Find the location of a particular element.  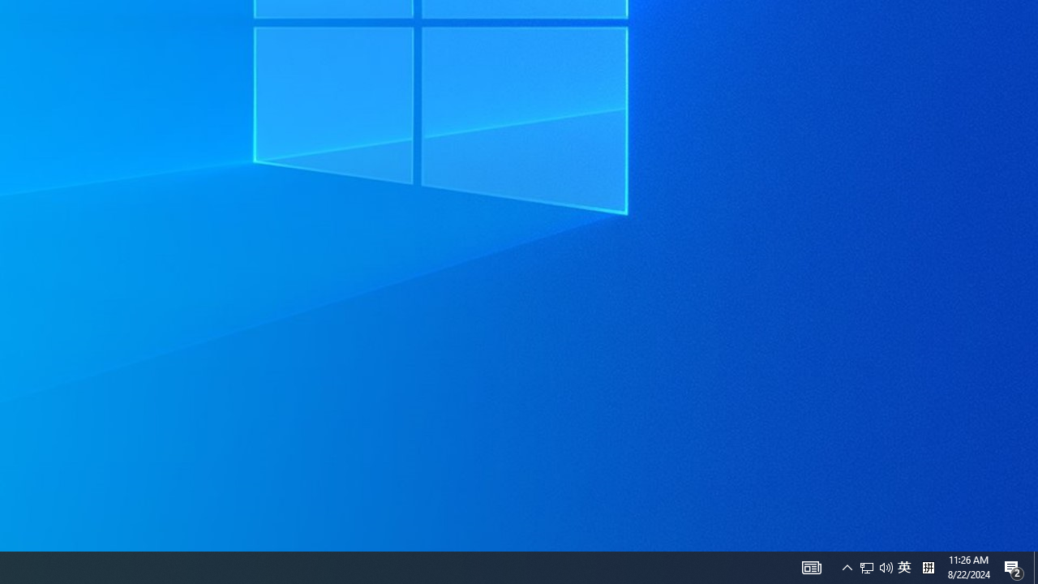

'User Promoted Notification Area' is located at coordinates (903, 566).